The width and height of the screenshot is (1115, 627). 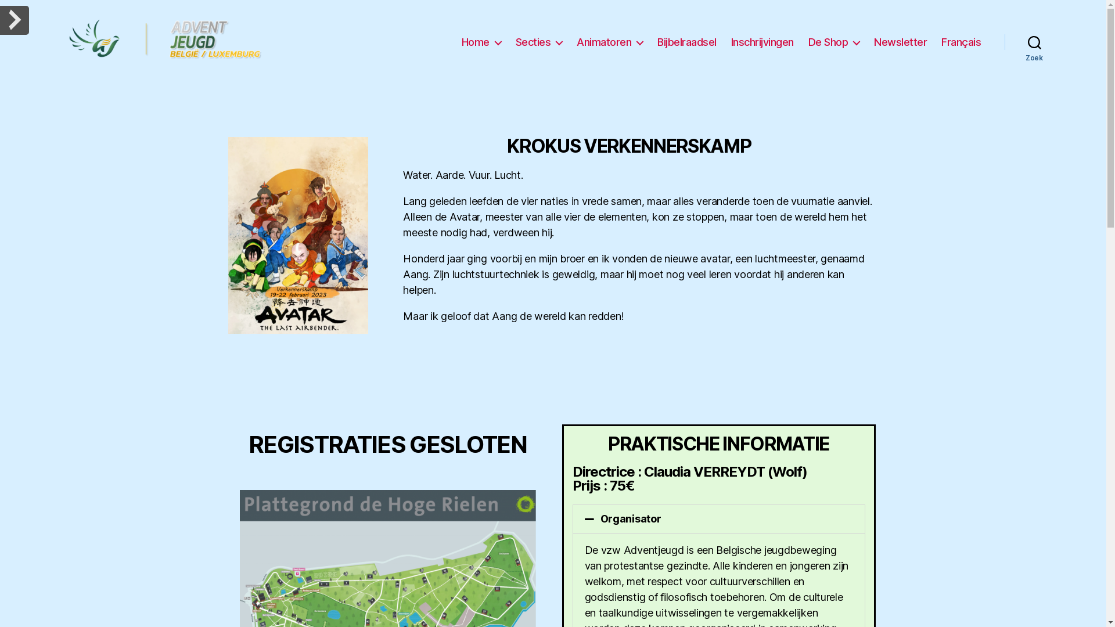 What do you see at coordinates (900, 42) in the screenshot?
I see `'Newsletter'` at bounding box center [900, 42].